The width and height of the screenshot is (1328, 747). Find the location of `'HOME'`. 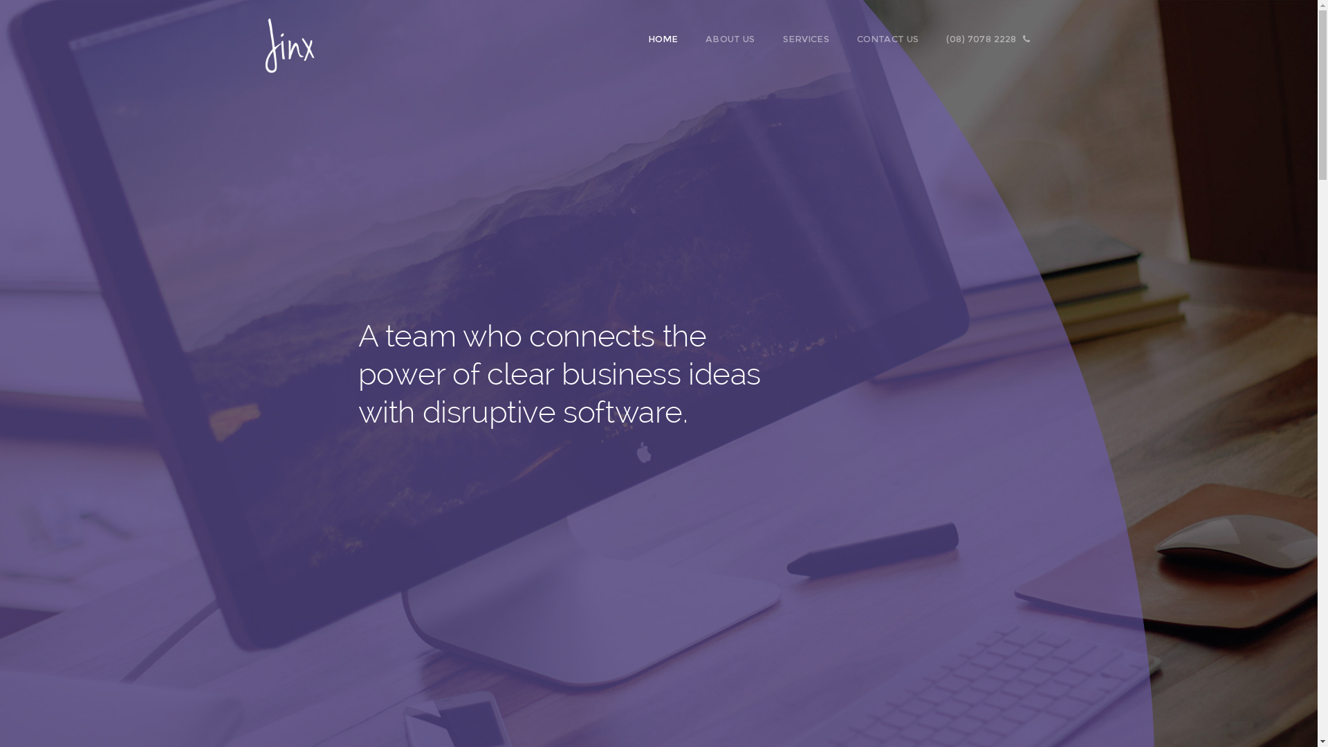

'HOME' is located at coordinates (670, 38).